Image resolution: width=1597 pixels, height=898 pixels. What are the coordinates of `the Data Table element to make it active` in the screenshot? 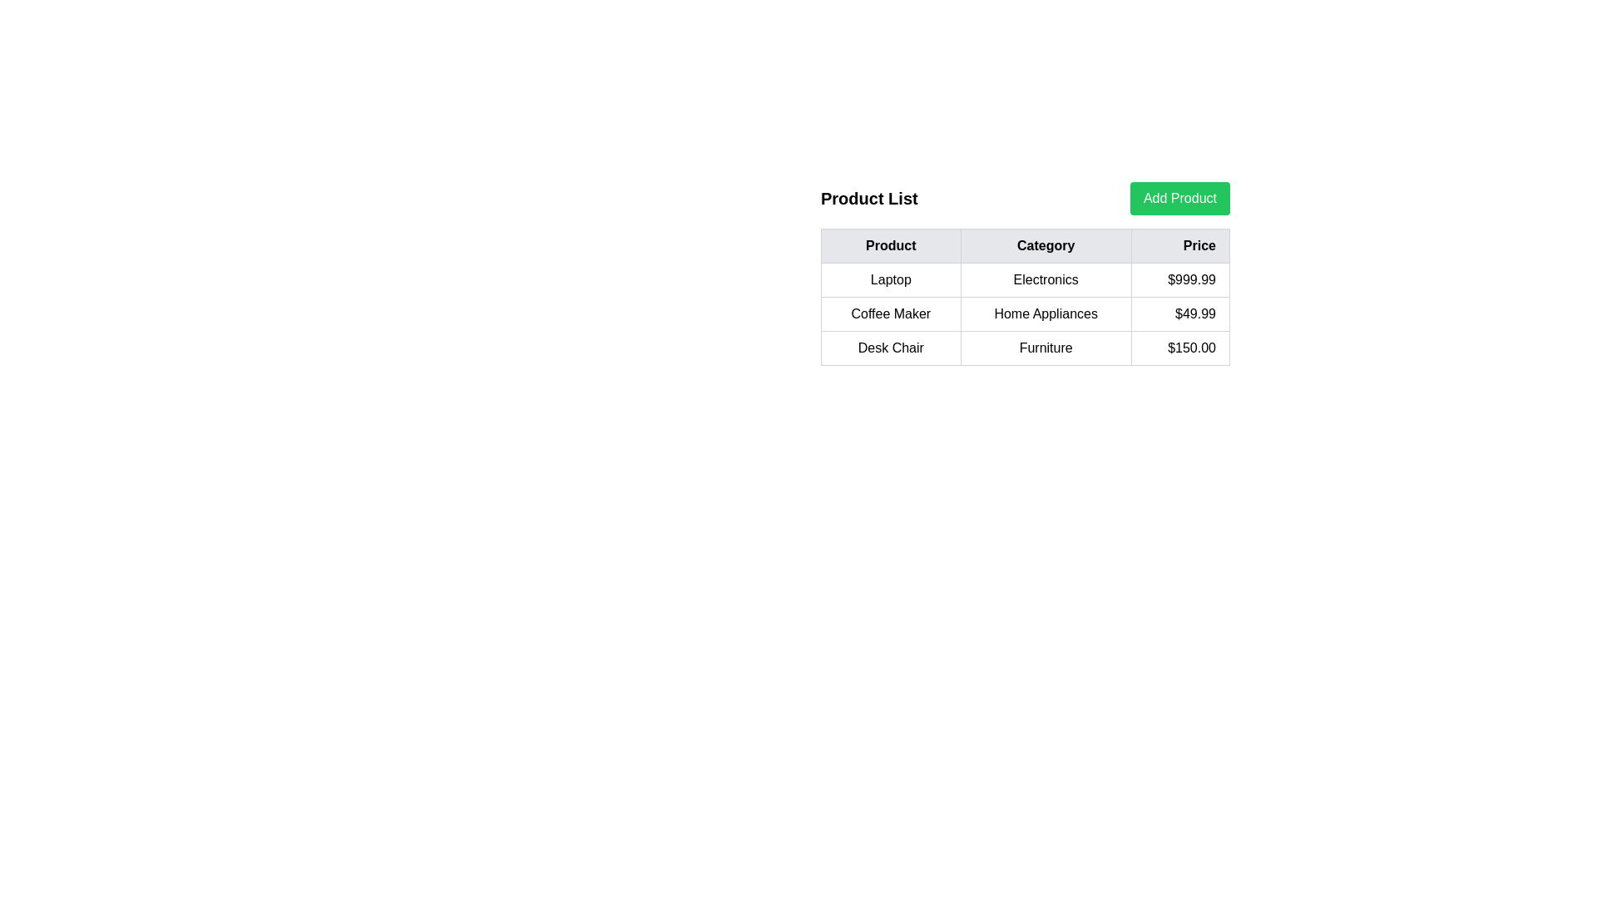 It's located at (1025, 296).